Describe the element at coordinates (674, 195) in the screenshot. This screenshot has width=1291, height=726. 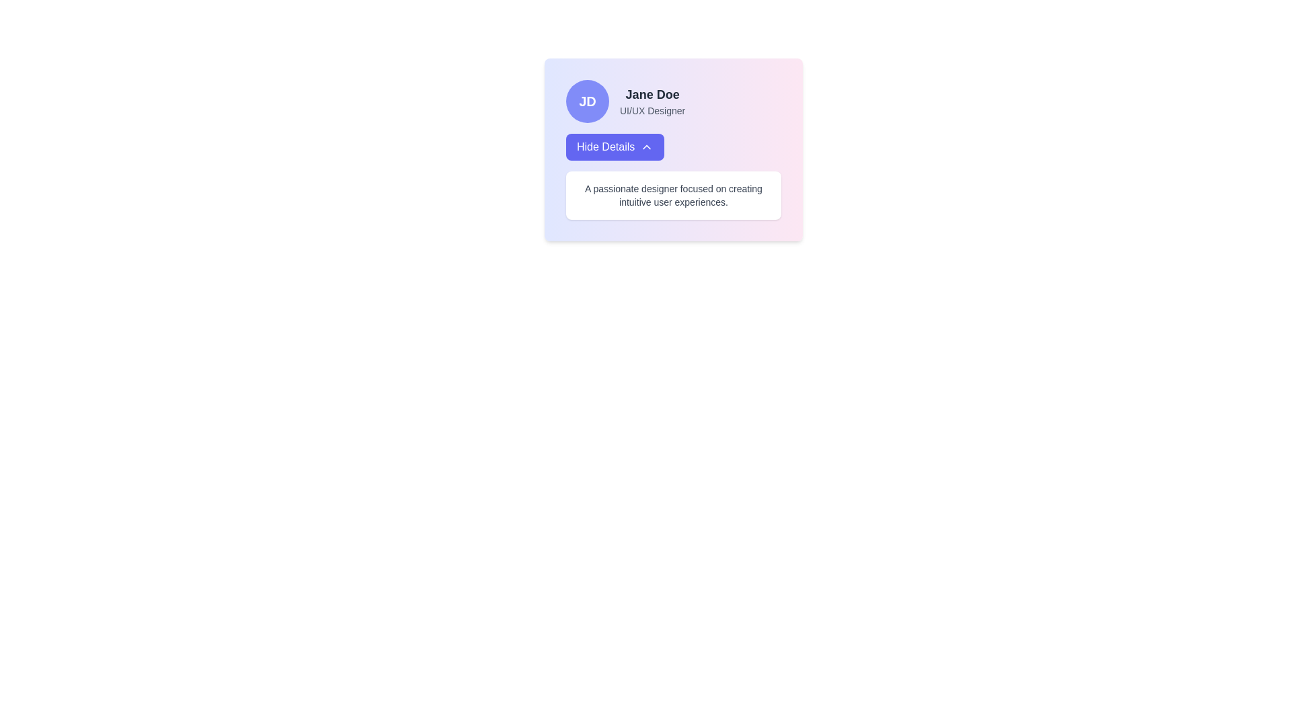
I see `the text label that contains the description 'A passionate designer focused on creating intuitive user experiences.' which is styled in subtle gray color, positioned below the 'Hide Details' button inside a white box with rounded corners` at that location.